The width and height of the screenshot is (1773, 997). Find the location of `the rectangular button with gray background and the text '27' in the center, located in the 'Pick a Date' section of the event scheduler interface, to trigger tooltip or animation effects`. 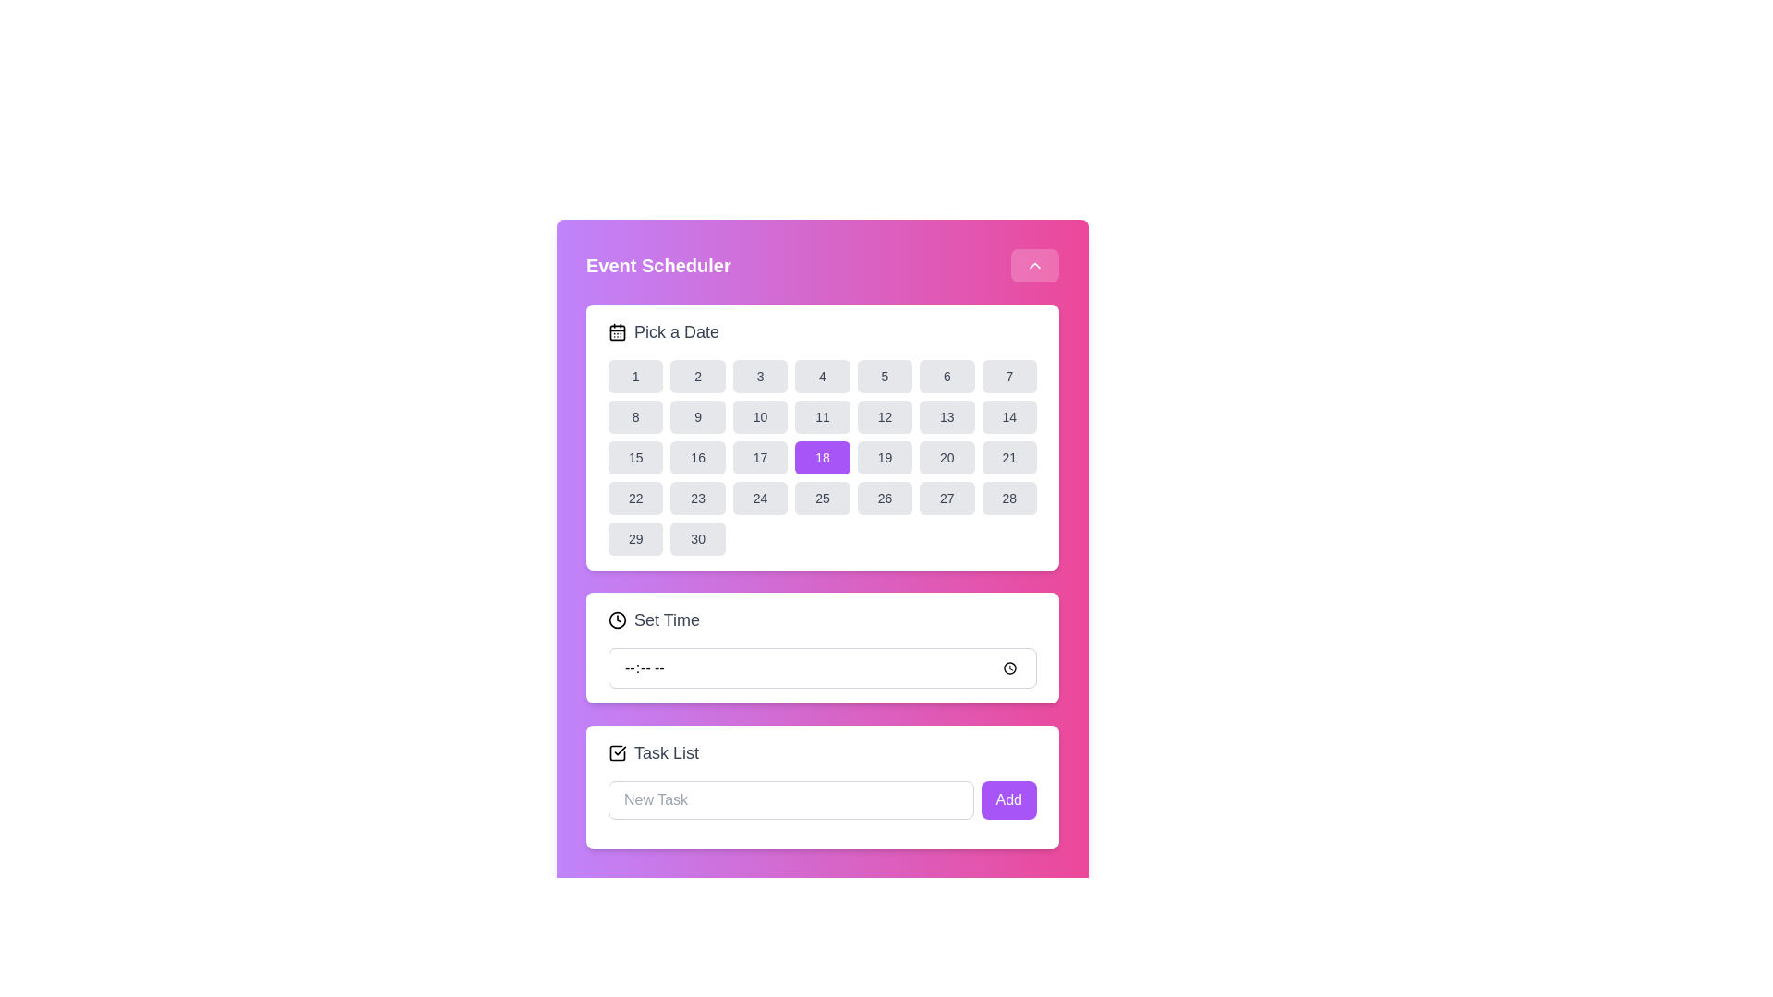

the rectangular button with gray background and the text '27' in the center, located in the 'Pick a Date' section of the event scheduler interface, to trigger tooltip or animation effects is located at coordinates (947, 498).